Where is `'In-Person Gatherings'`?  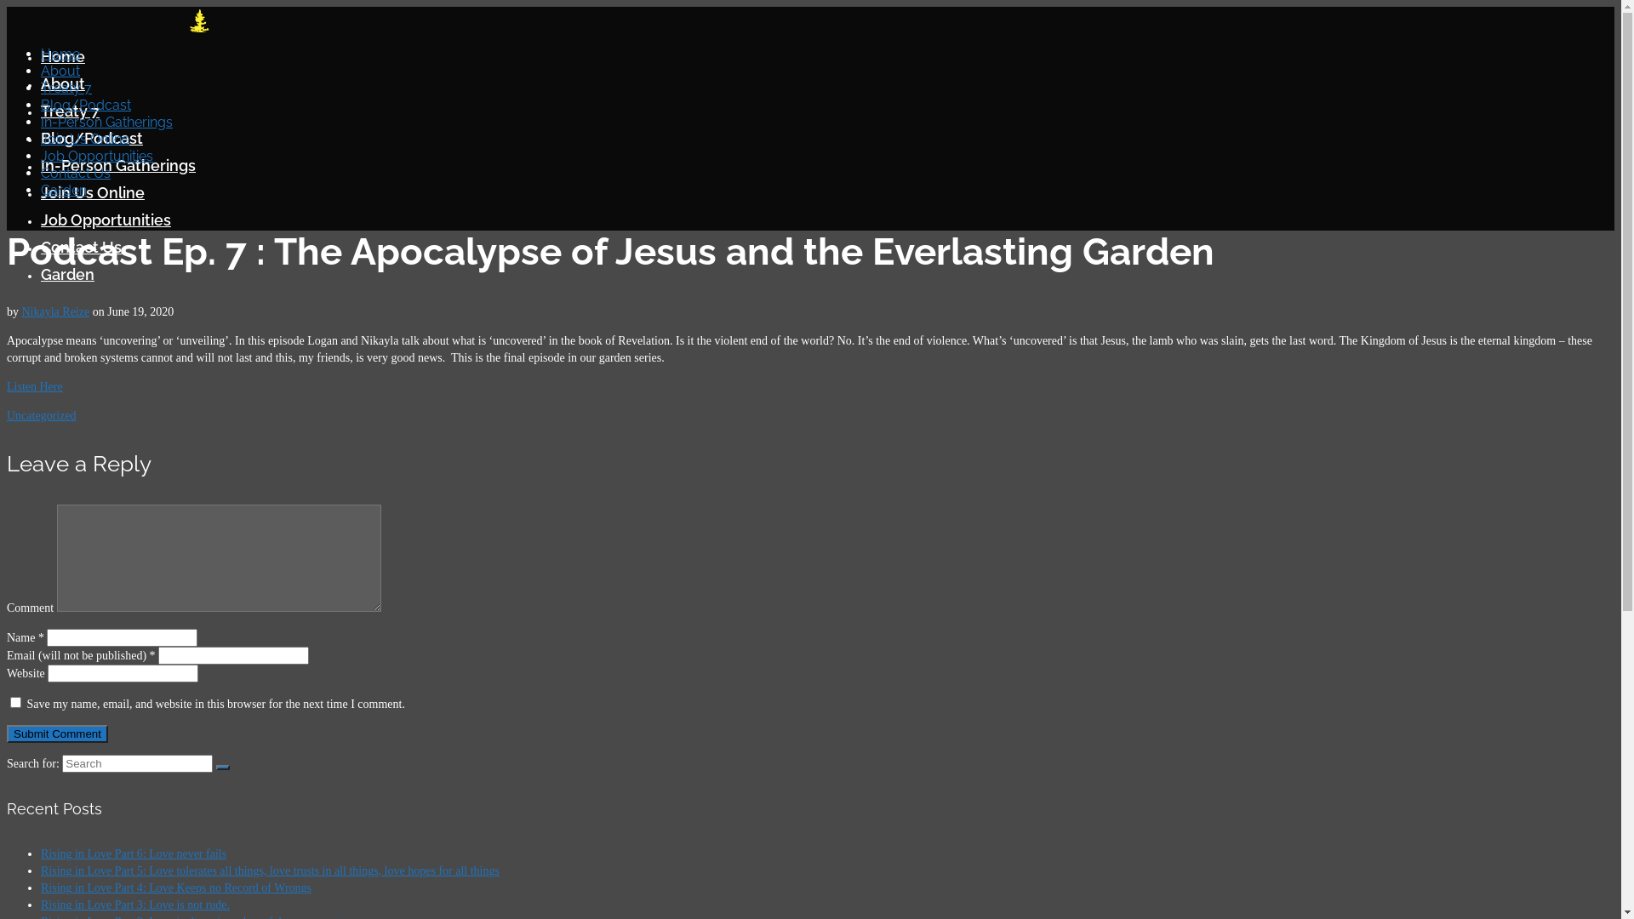 'In-Person Gatherings' is located at coordinates (117, 165).